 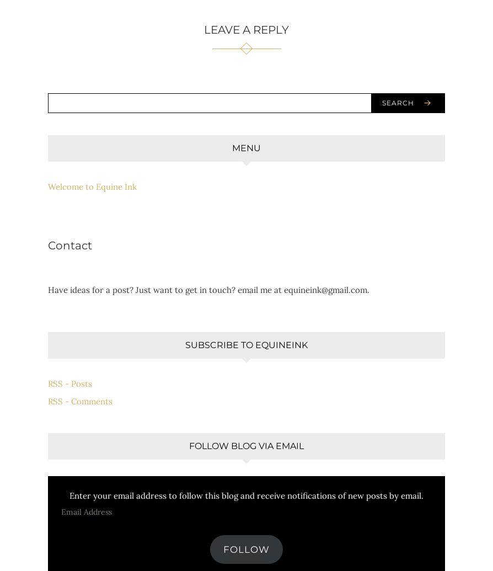 What do you see at coordinates (246, 494) in the screenshot?
I see `'Enter your email address to follow this blog and receive notifications of new posts by email.'` at bounding box center [246, 494].